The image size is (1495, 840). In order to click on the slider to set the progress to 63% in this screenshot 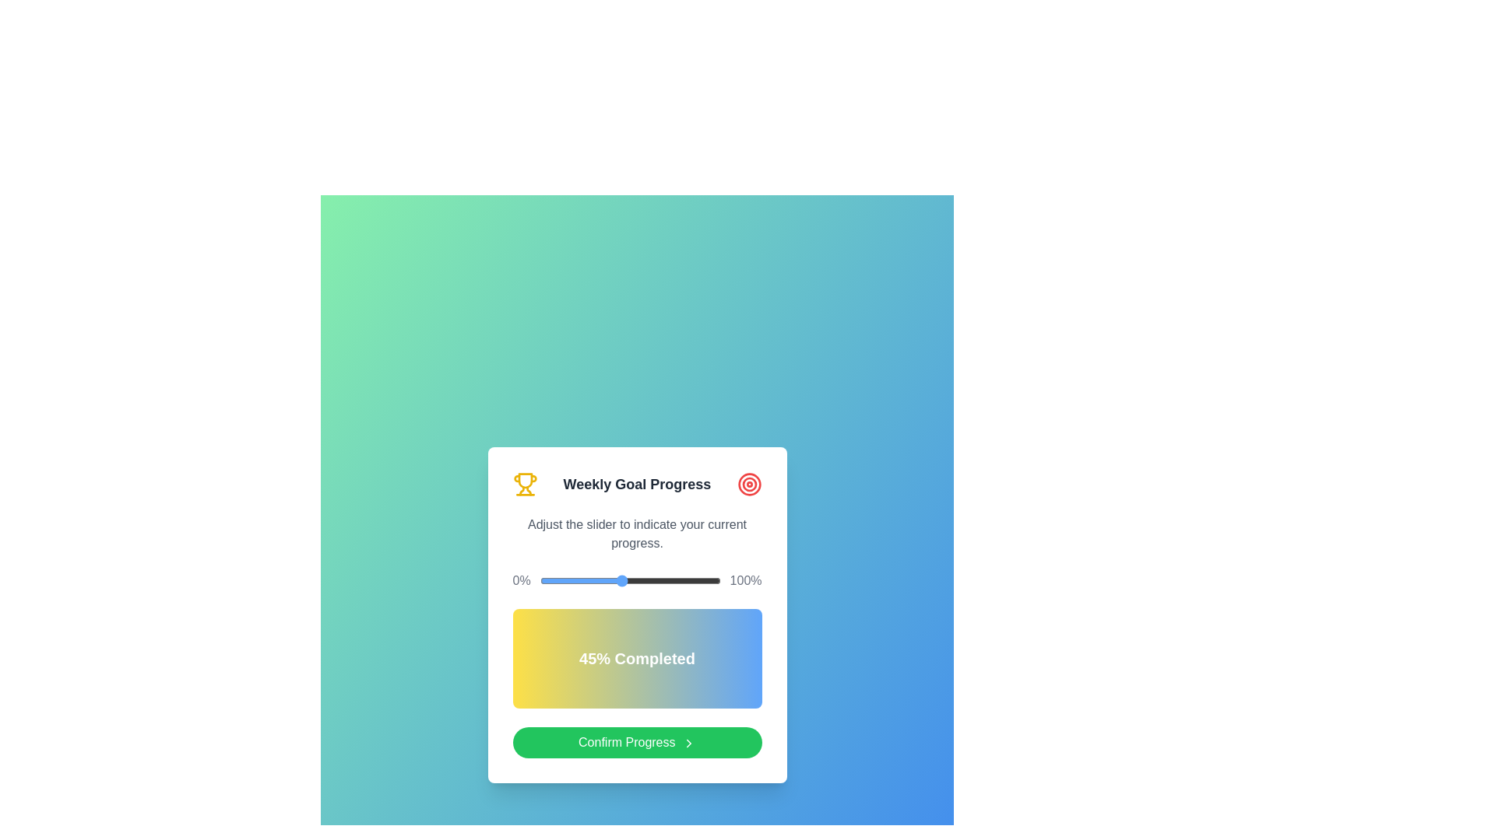, I will do `click(653, 581)`.